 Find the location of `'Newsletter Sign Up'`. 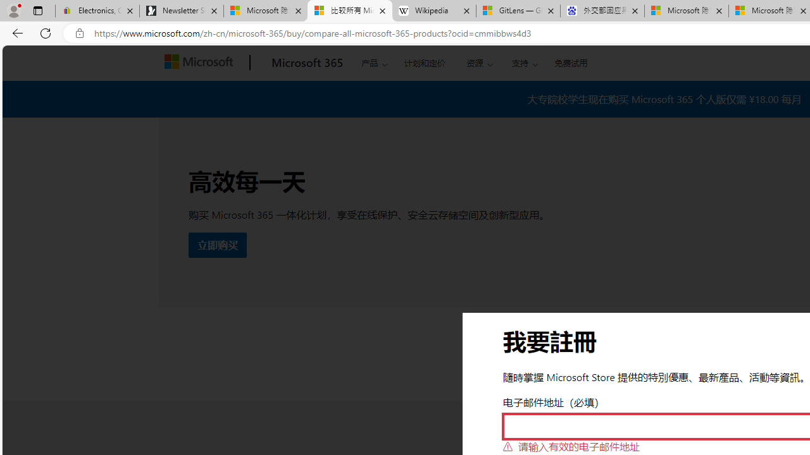

'Newsletter Sign Up' is located at coordinates (181, 11).